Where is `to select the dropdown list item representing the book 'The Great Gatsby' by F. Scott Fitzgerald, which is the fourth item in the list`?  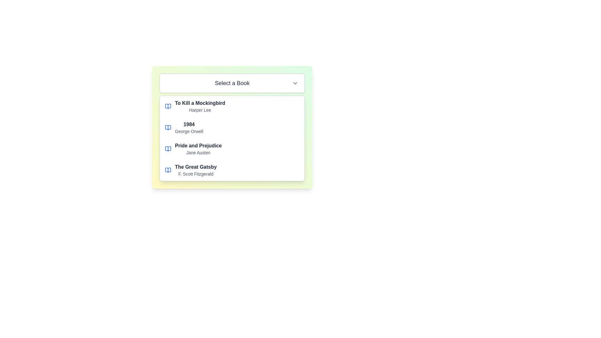
to select the dropdown list item representing the book 'The Great Gatsby' by F. Scott Fitzgerald, which is the fourth item in the list is located at coordinates (232, 170).